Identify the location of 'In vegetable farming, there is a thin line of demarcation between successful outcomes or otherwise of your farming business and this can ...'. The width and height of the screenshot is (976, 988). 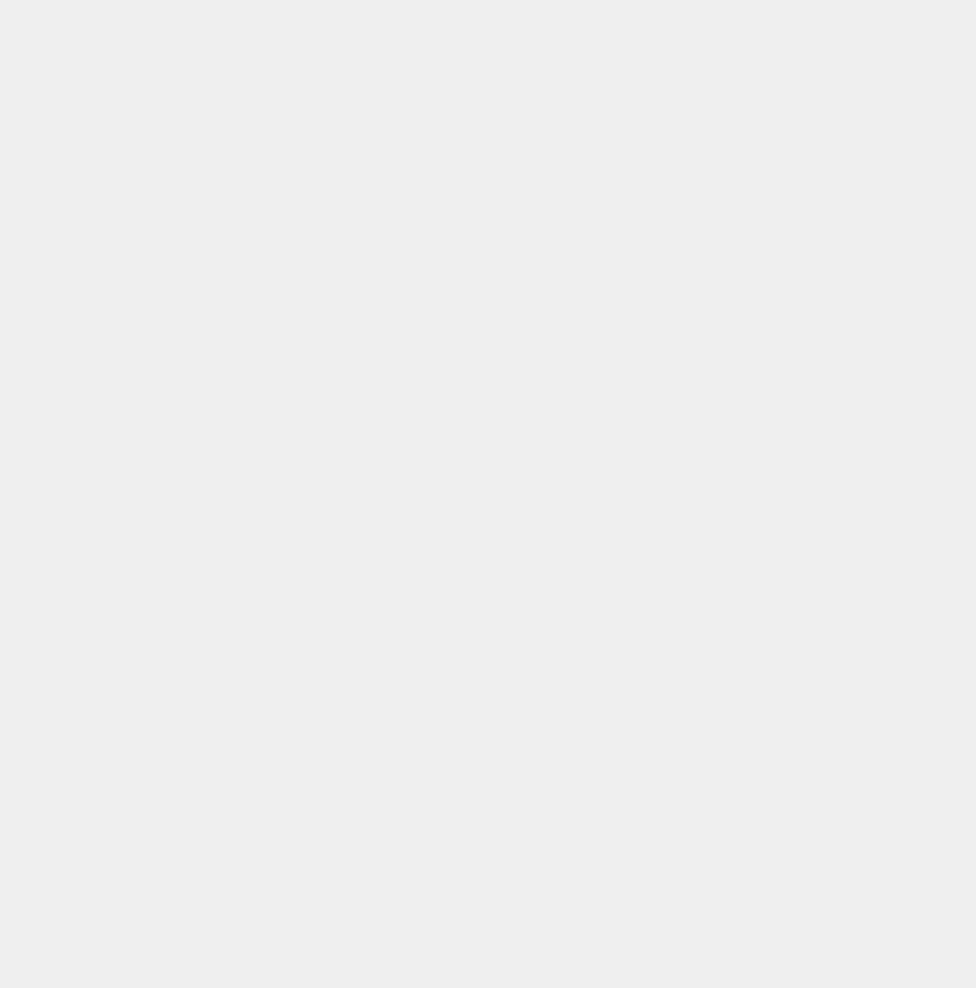
(443, 705).